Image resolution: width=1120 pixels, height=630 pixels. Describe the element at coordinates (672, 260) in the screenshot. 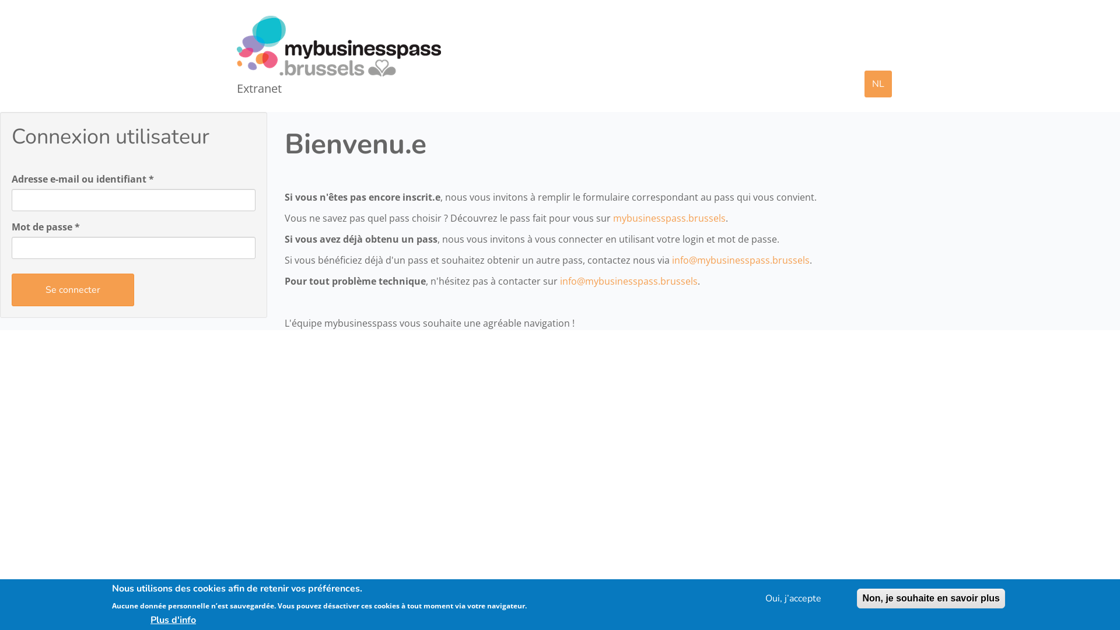

I see `'info@mybusinesspass.brussels'` at that location.